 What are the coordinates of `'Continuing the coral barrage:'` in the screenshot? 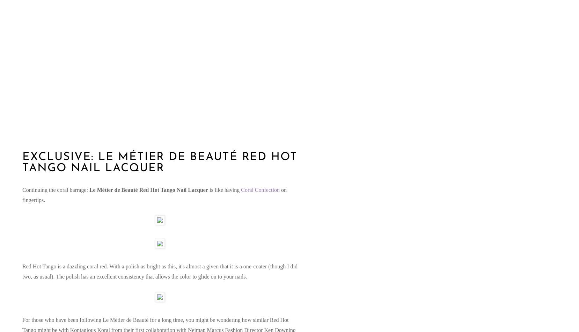 It's located at (56, 189).